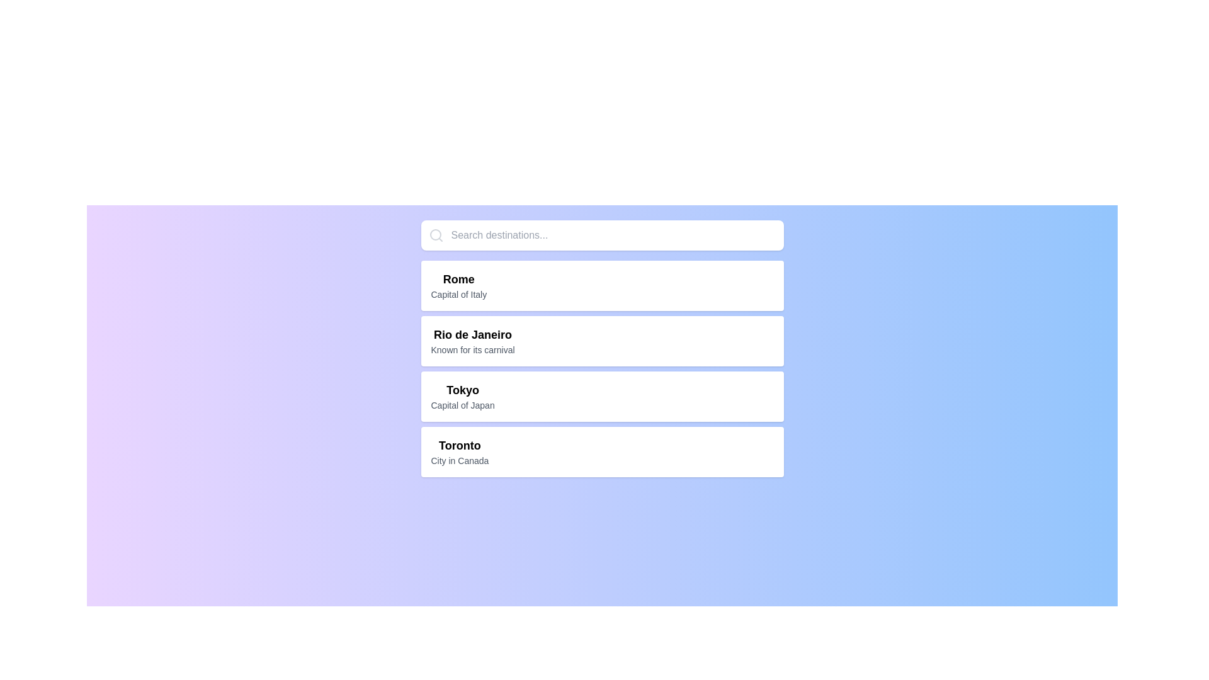  Describe the element at coordinates (472, 349) in the screenshot. I see `the text label providing additional information related to the city 'Rio de Janeiro', which is positioned below the heading of the same city` at that location.